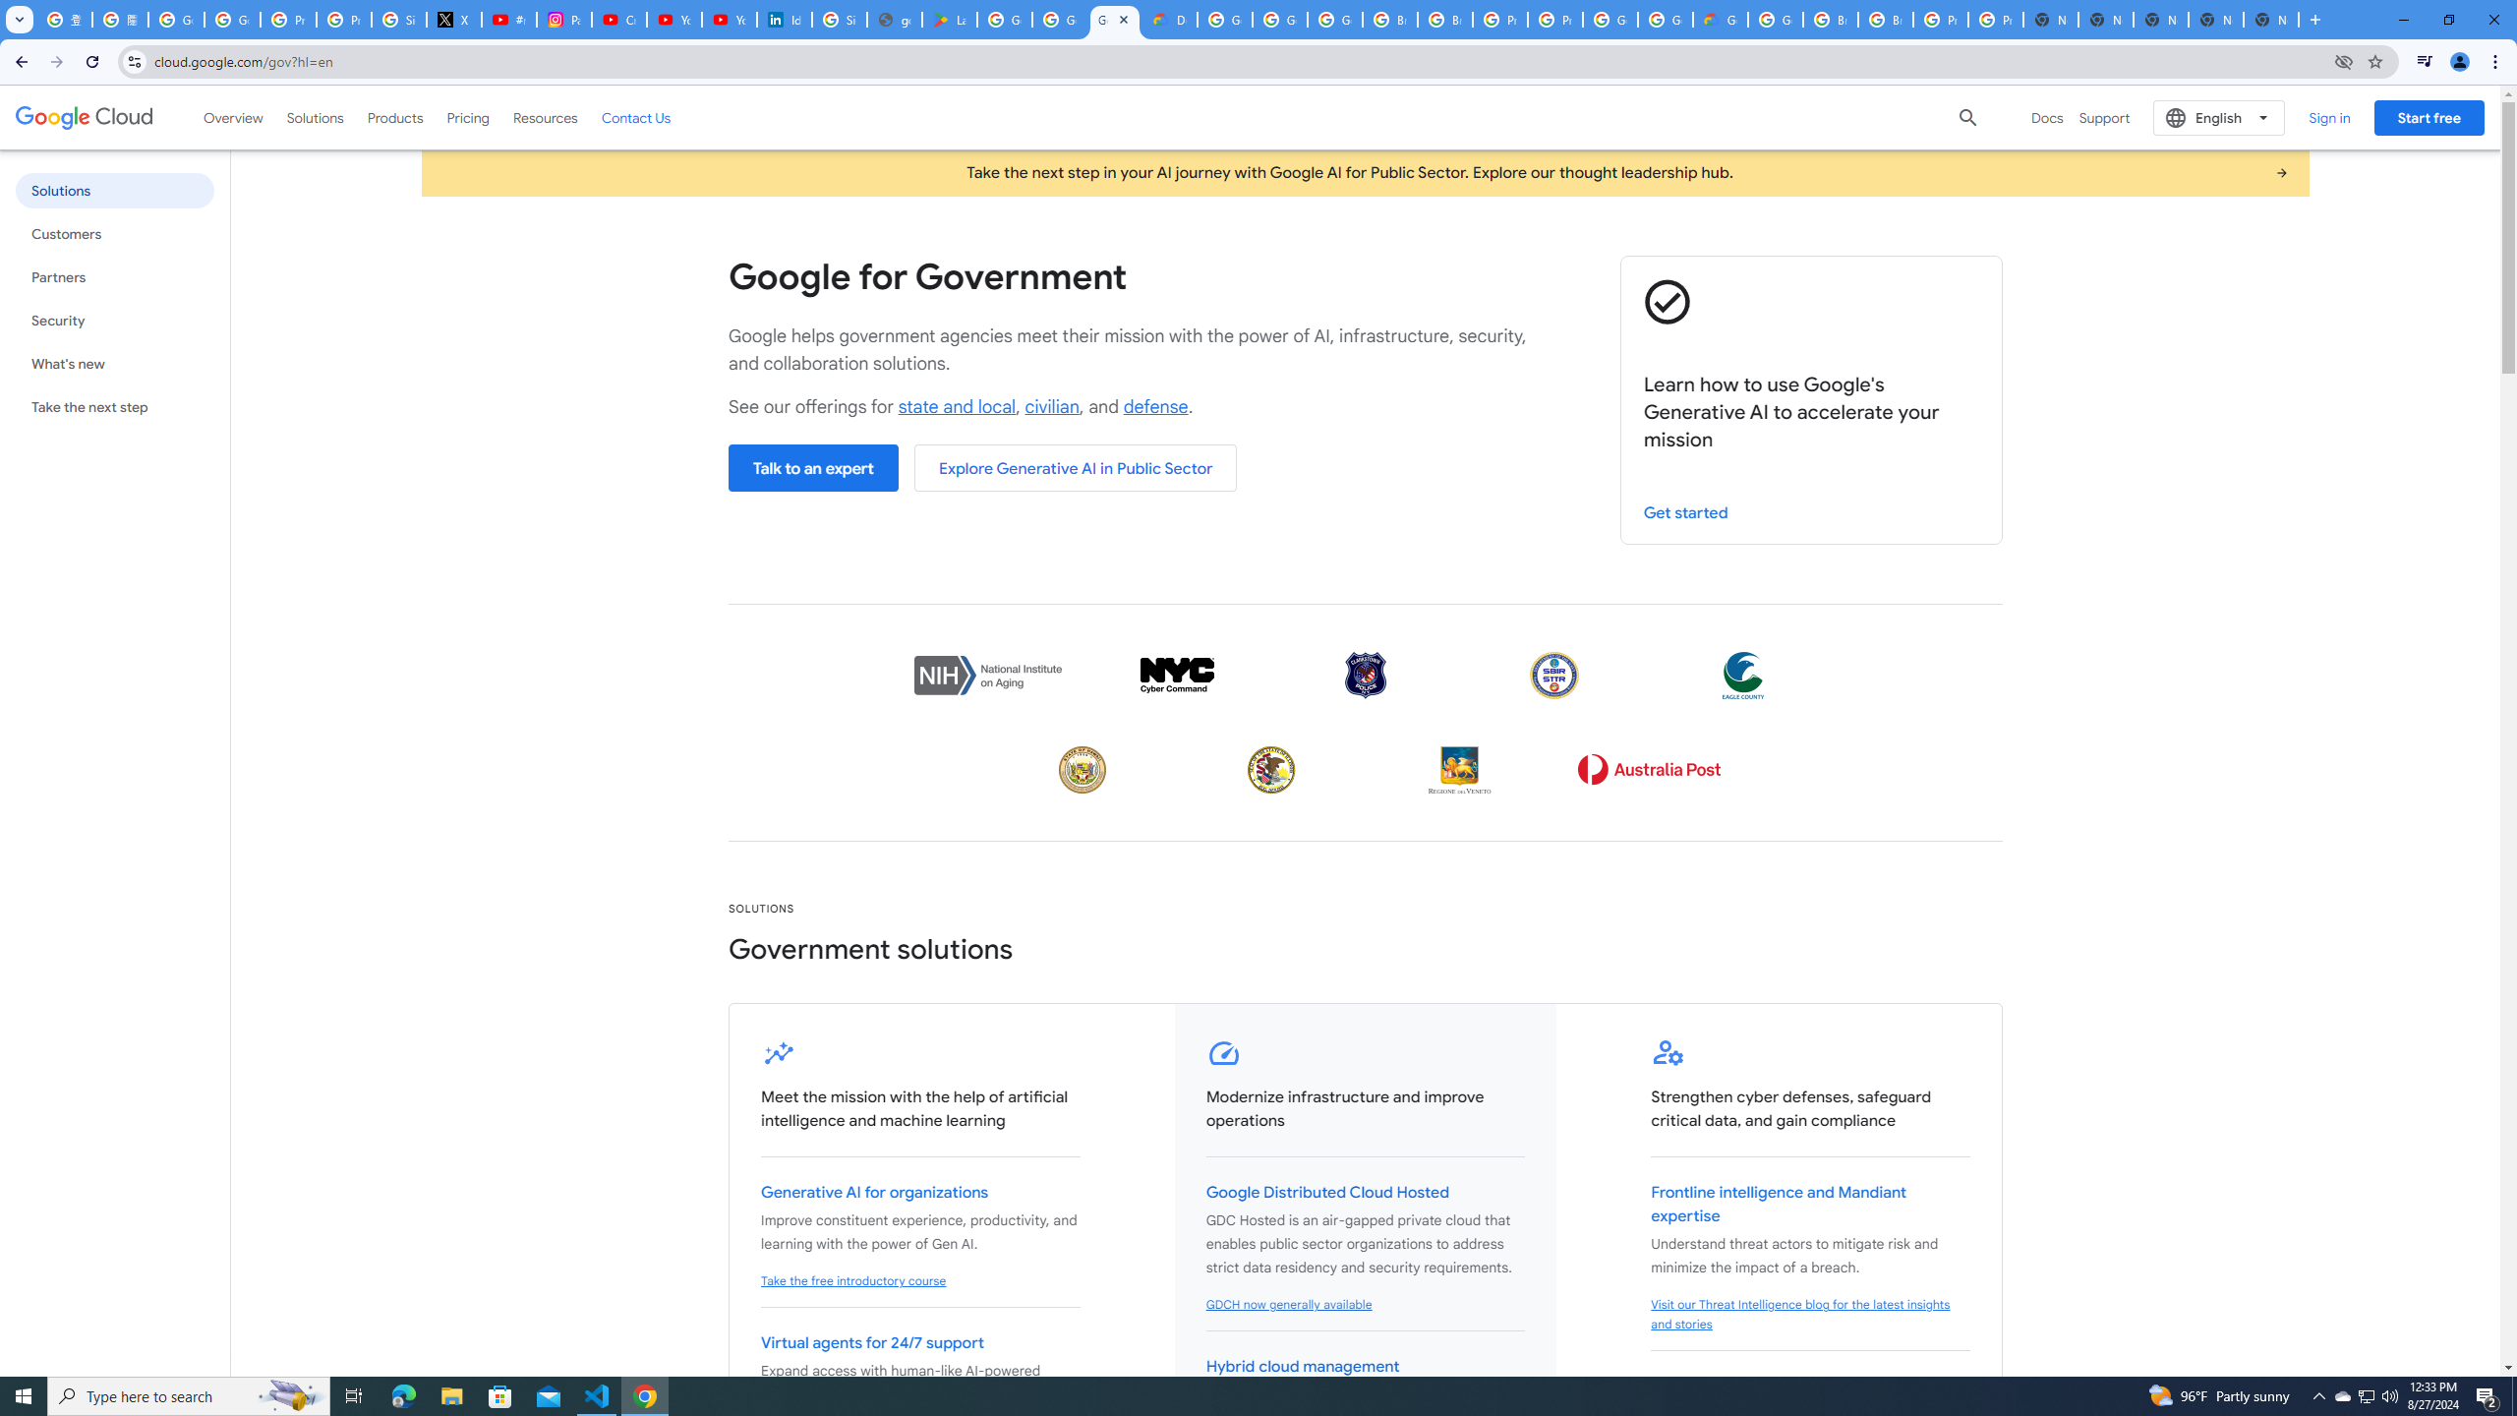  Describe the element at coordinates (1061, 19) in the screenshot. I see `'Google Workspace - Specific Terms'` at that location.